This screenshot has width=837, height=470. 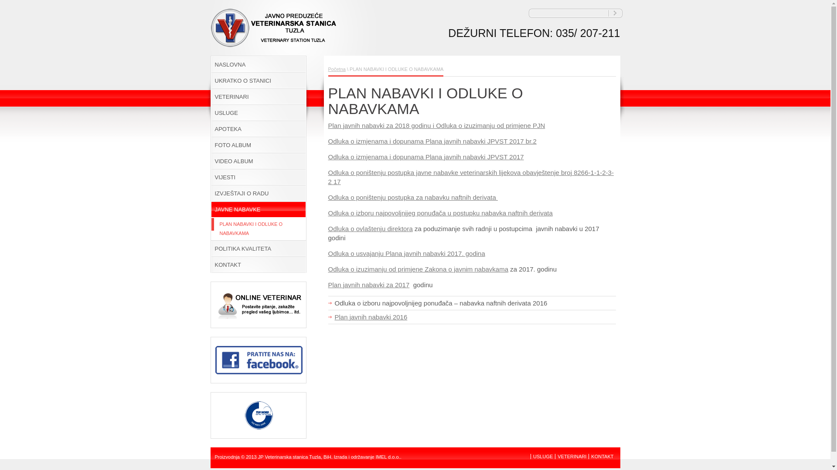 What do you see at coordinates (257, 177) in the screenshot?
I see `'VIJESTI'` at bounding box center [257, 177].